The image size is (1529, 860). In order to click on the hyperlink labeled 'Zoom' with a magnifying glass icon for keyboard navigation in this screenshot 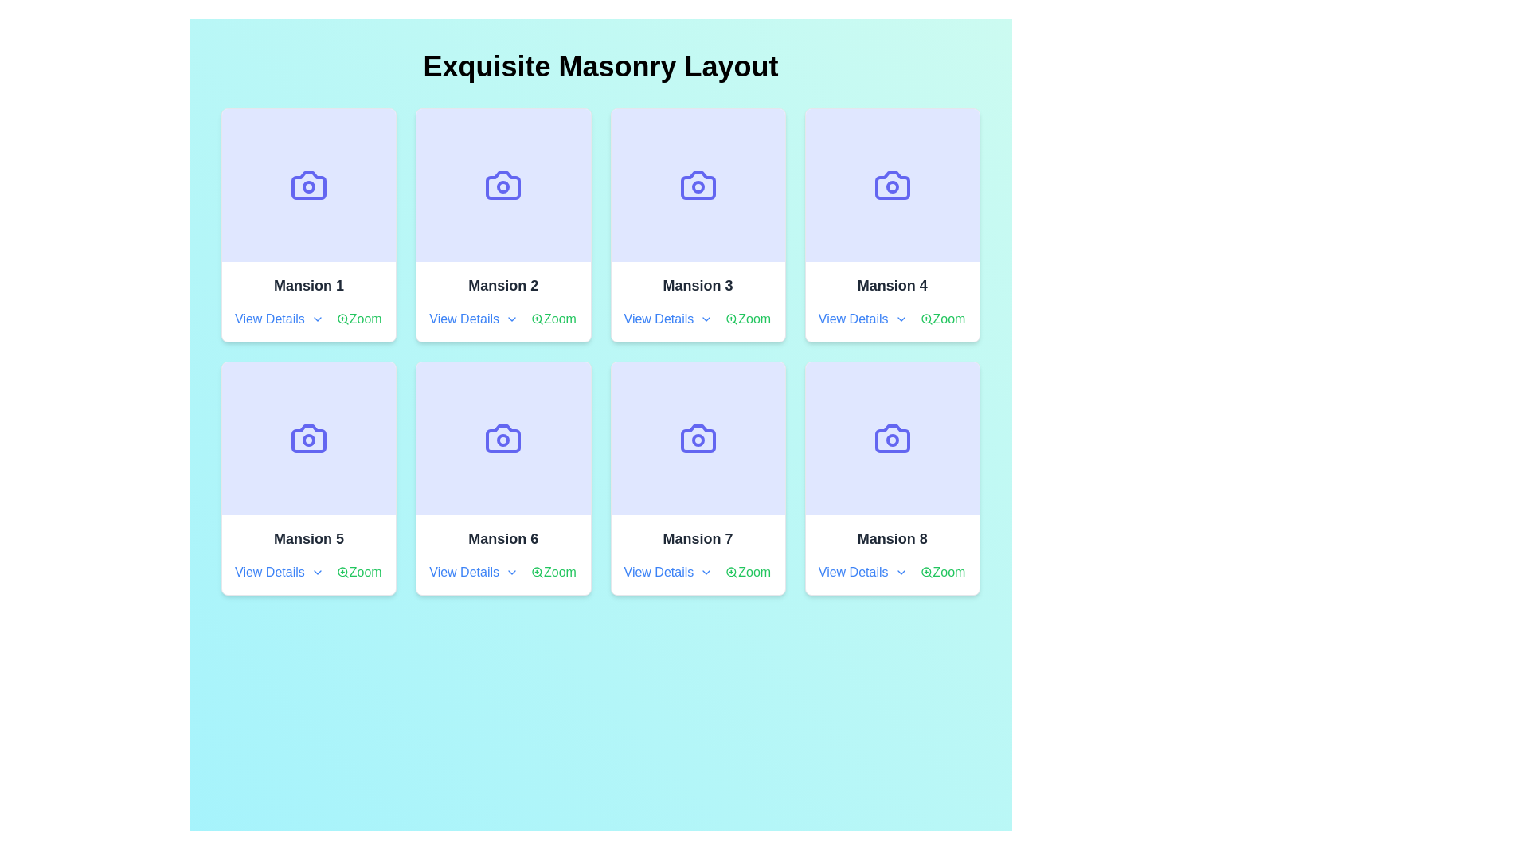, I will do `click(358, 319)`.